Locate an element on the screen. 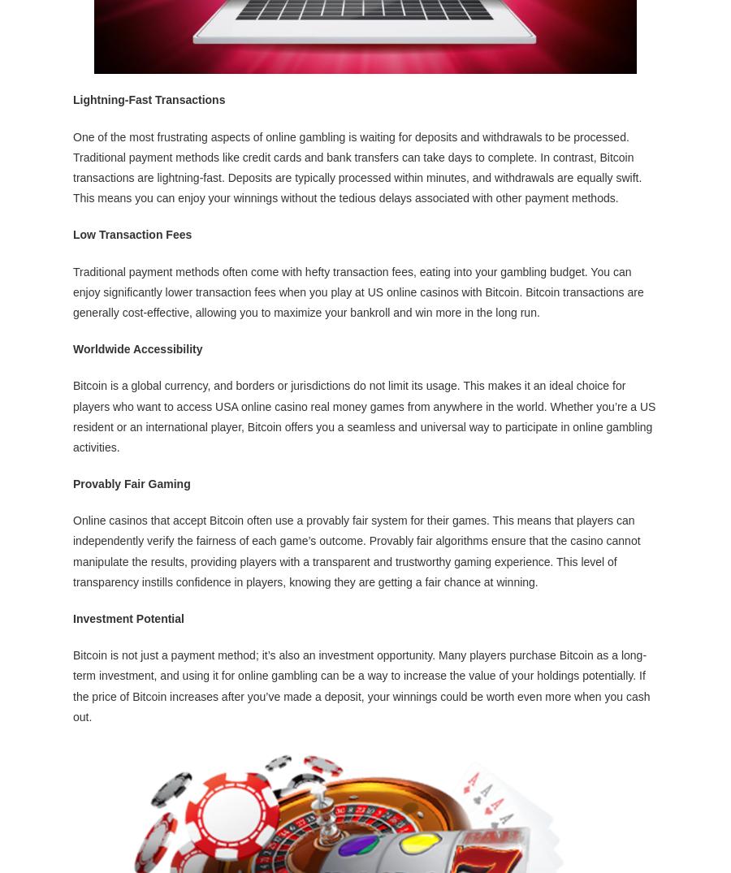 This screenshot has width=731, height=873. 'Lightning-Fast Transactions' is located at coordinates (149, 98).